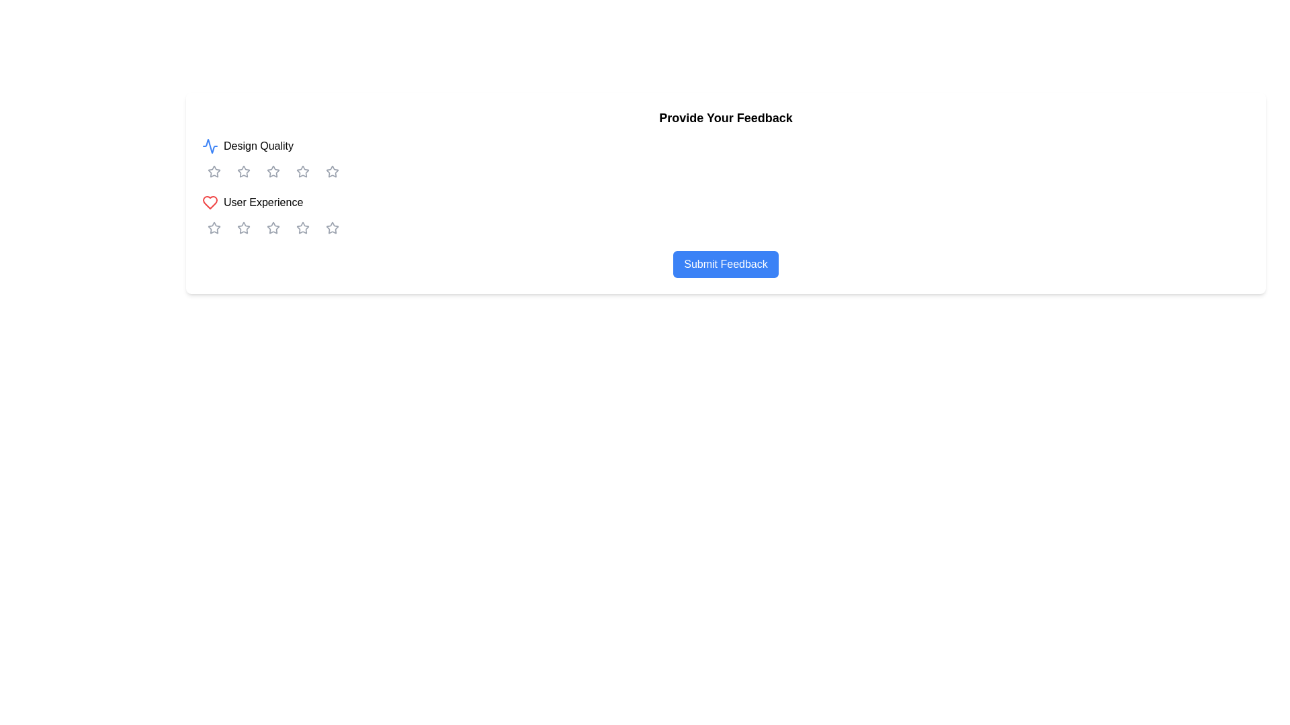 This screenshot has height=725, width=1290. I want to click on the heart icon representing preference in the rating system located under the 'User Experience' label in the second row of the feedback section, so click(209, 202).